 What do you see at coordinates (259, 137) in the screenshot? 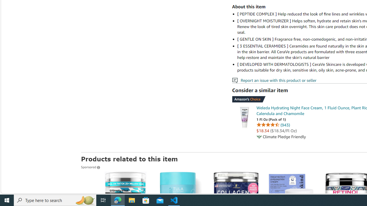
I see `'Climate Pledge Friendly'` at bounding box center [259, 137].